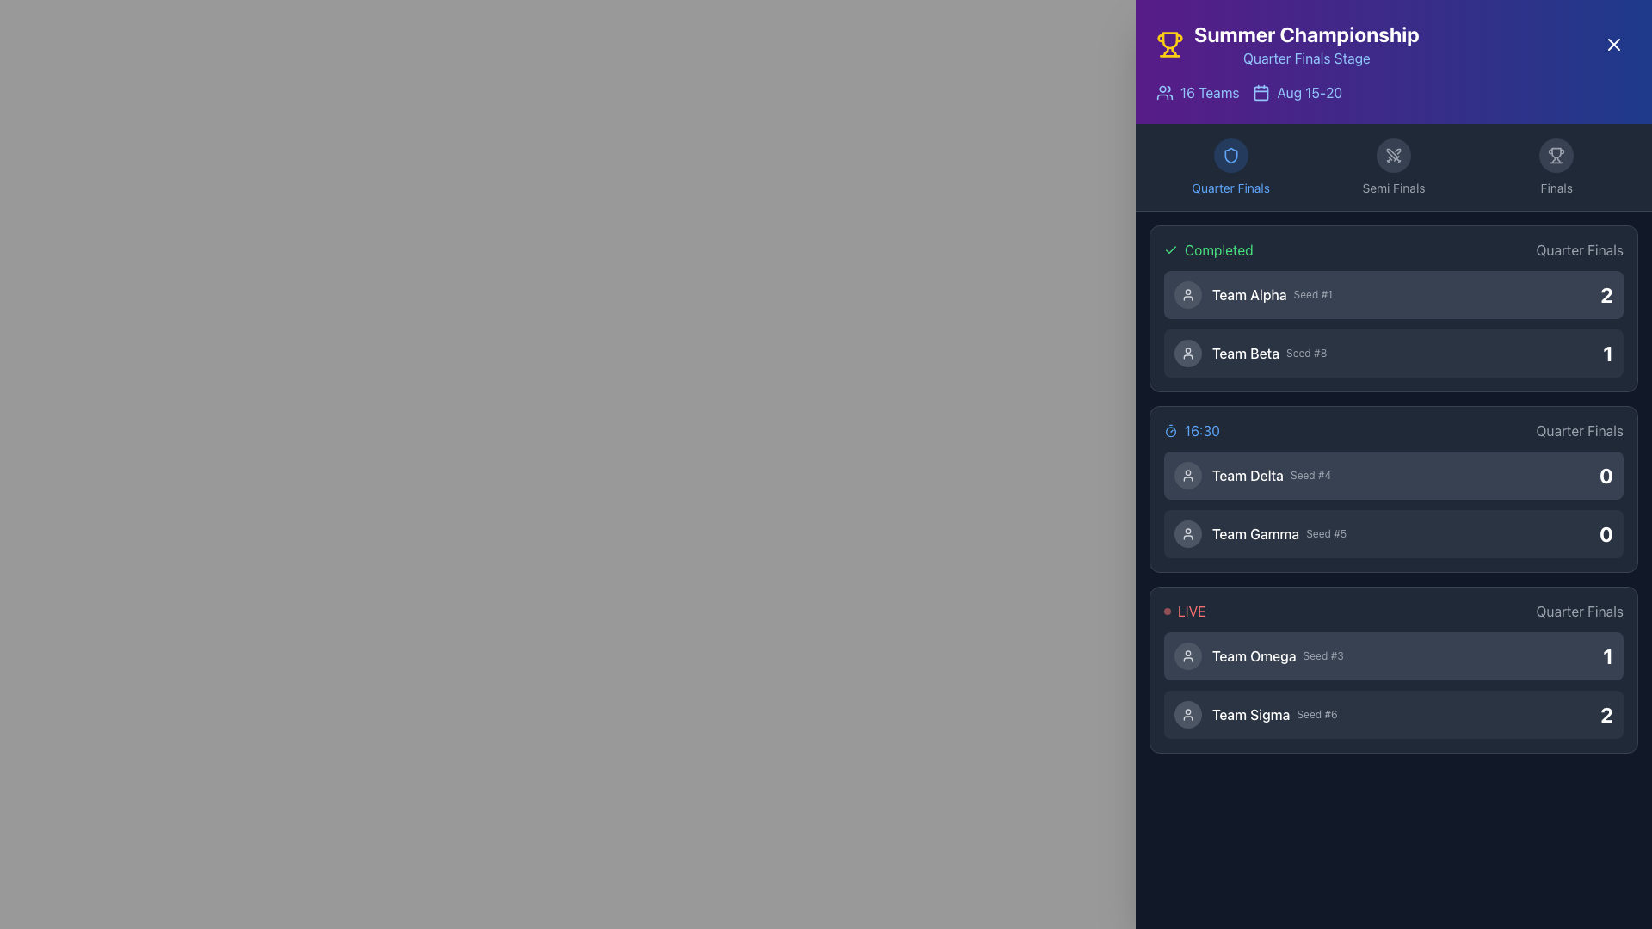 This screenshot has height=929, width=1652. What do you see at coordinates (1580, 249) in the screenshot?
I see `the static text label displaying 'Quarter Finals', which is right-aligned and located to the far right of the header 'Completed'` at bounding box center [1580, 249].